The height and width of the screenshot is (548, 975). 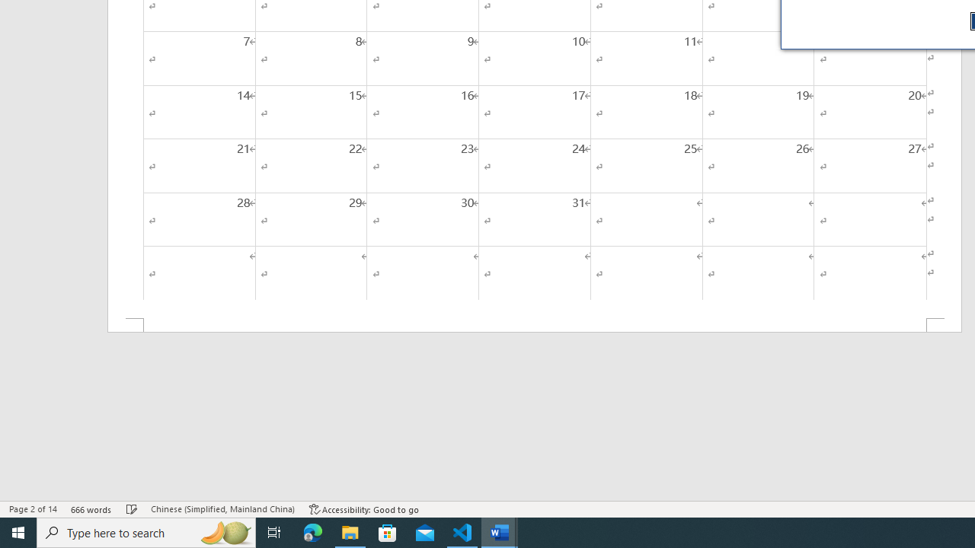 I want to click on 'Word - 2 running windows', so click(x=500, y=531).